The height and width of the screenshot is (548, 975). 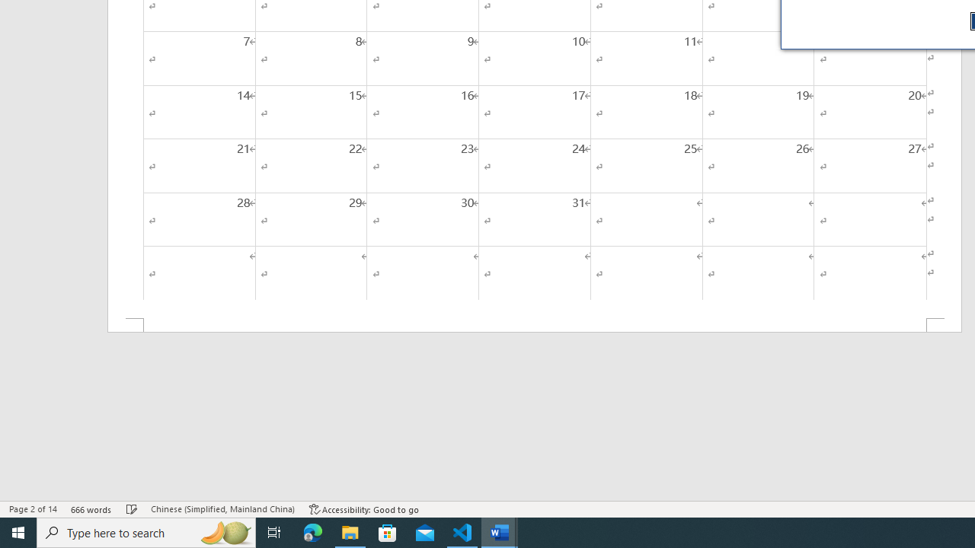 I want to click on 'Word - 2 running windows', so click(x=500, y=531).